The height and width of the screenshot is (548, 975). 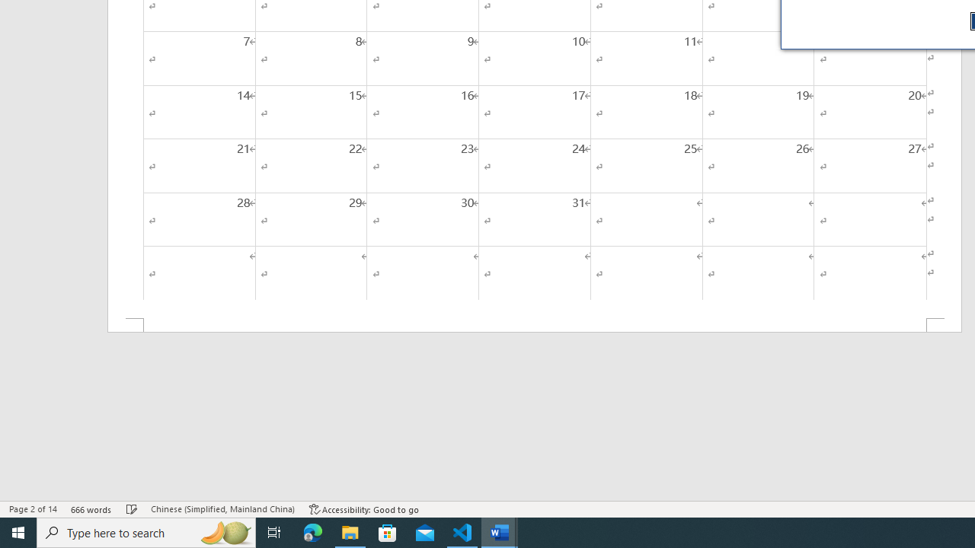 I want to click on 'Word - 2 running windows', so click(x=500, y=531).